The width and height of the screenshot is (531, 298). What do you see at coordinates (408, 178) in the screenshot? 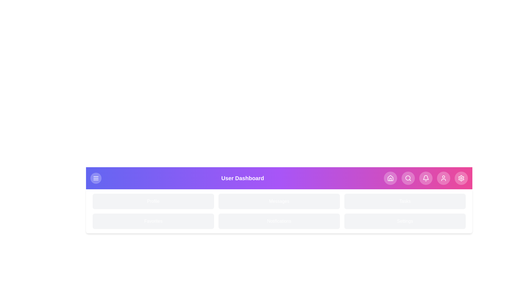
I see `the navigation button corresponding to Search` at bounding box center [408, 178].